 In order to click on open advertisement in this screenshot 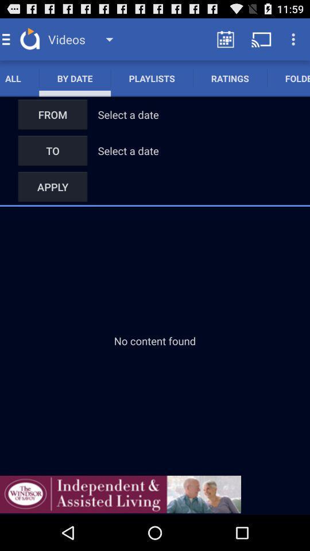, I will do `click(120, 494)`.